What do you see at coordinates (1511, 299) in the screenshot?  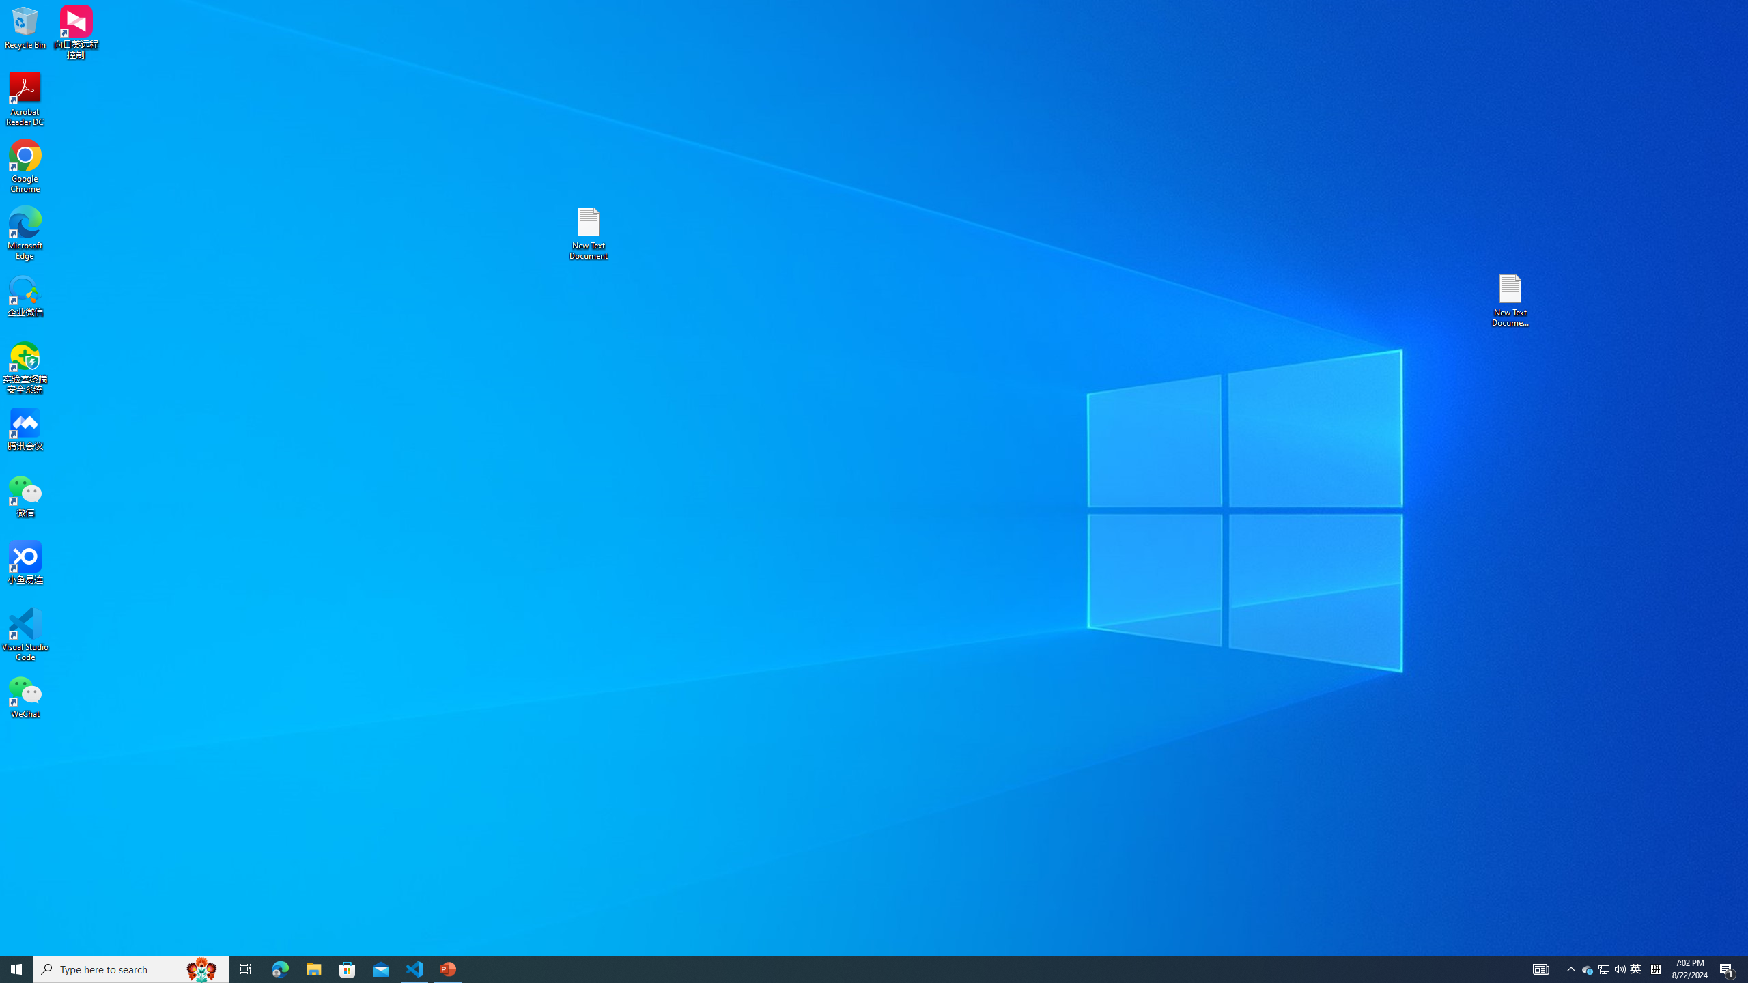 I see `'New Text Document (2)'` at bounding box center [1511, 299].